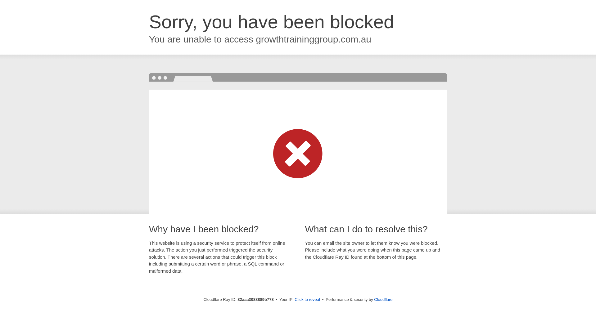 This screenshot has height=335, width=596. Describe the element at coordinates (294, 299) in the screenshot. I see `'Click to reveal'` at that location.